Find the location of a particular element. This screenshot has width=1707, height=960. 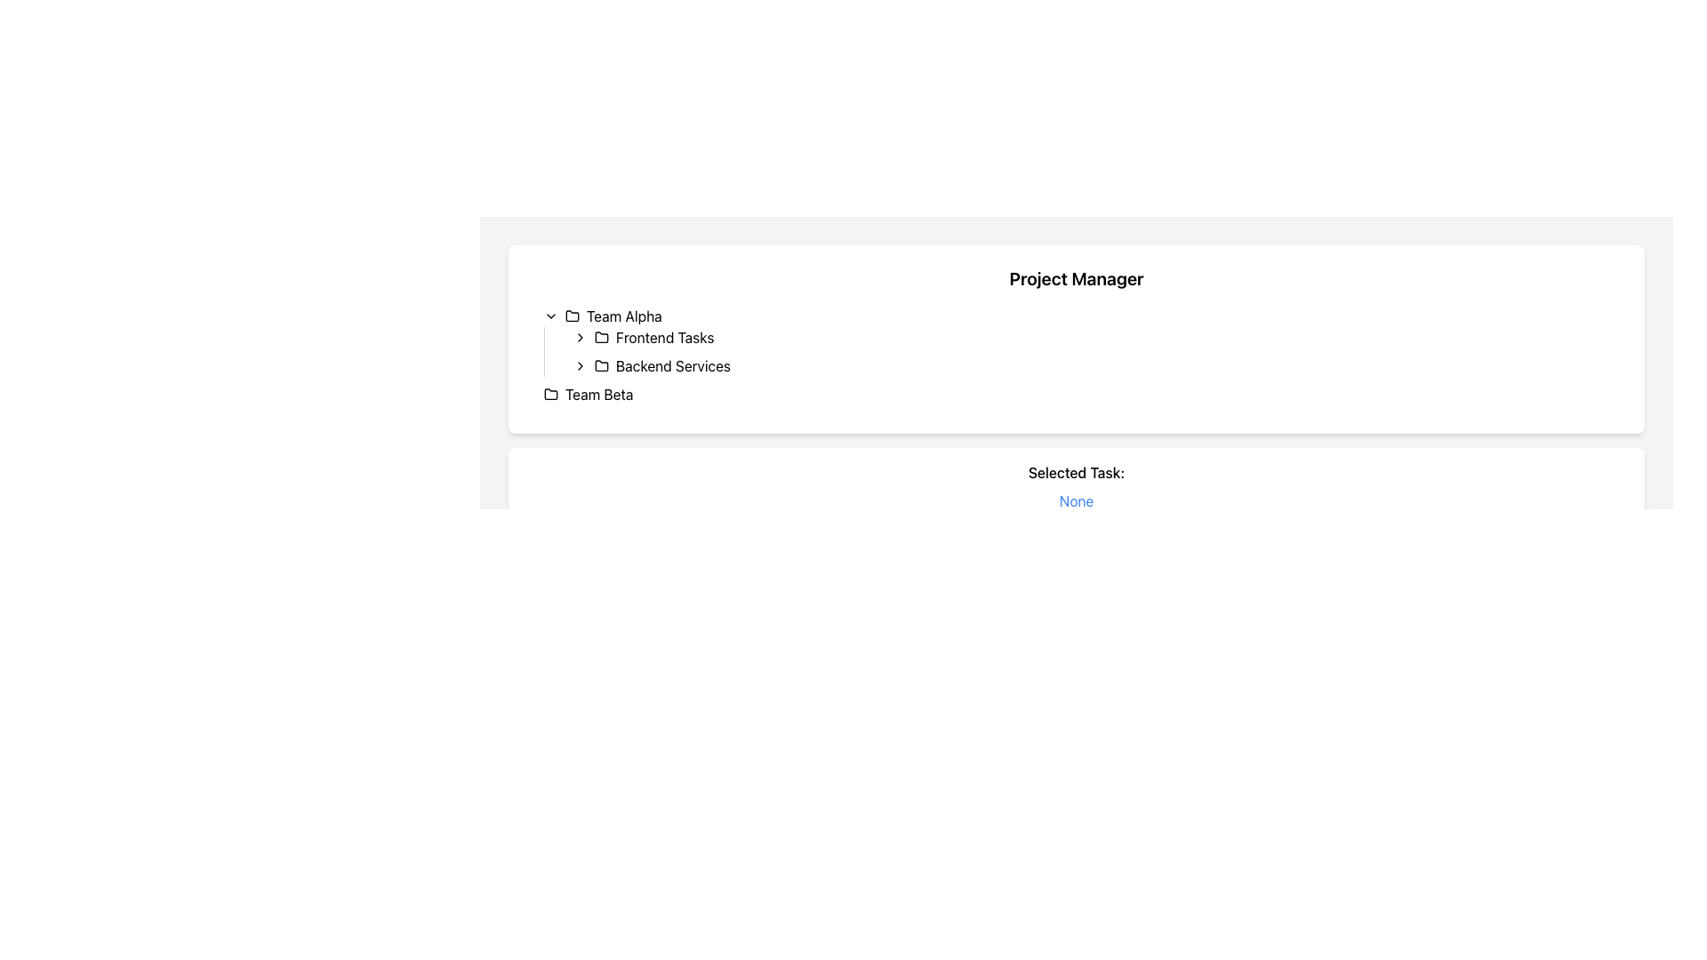

the appearance of the folder icon, which is a simple outline design located before the text 'Frontend Tasks' is located at coordinates (601, 338).